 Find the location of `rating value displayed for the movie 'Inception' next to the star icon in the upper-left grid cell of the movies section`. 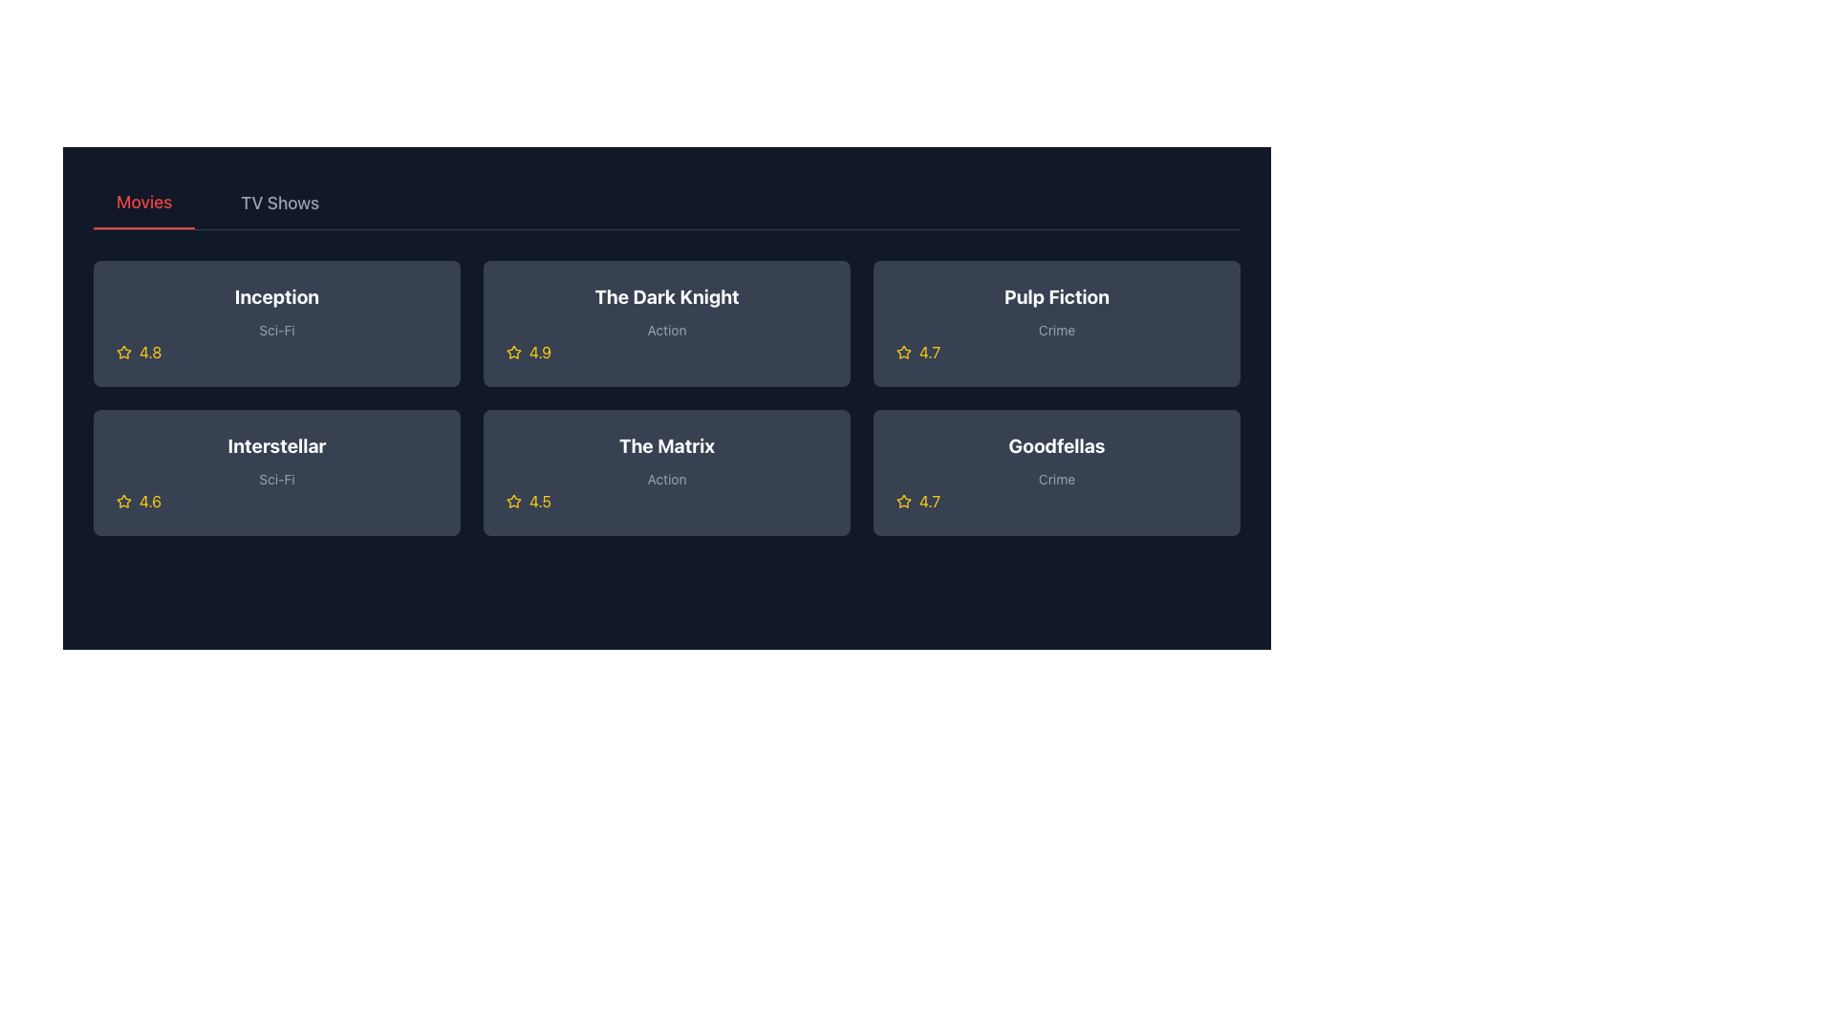

rating value displayed for the movie 'Inception' next to the star icon in the upper-left grid cell of the movies section is located at coordinates (149, 353).